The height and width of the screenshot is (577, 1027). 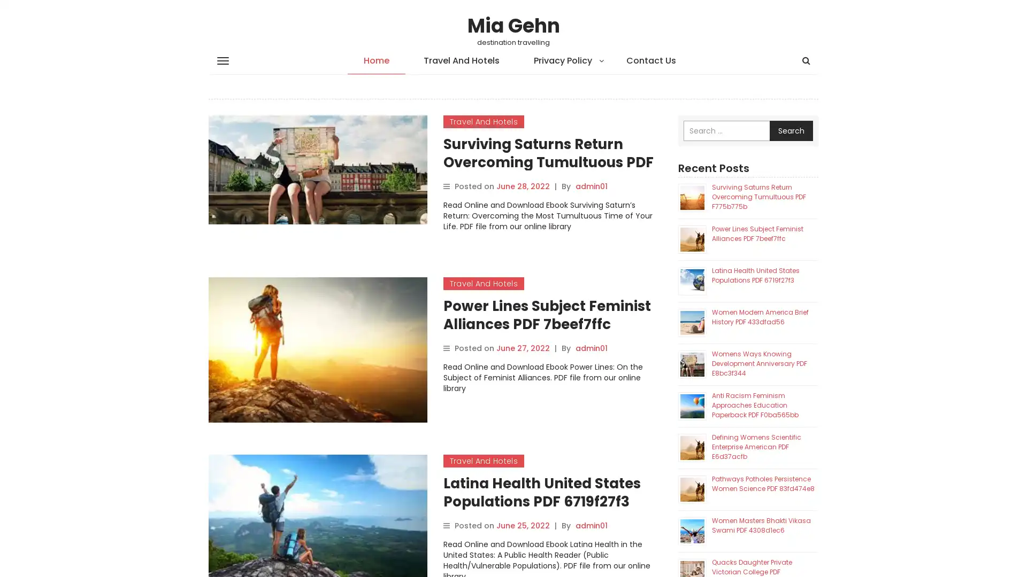 I want to click on Search, so click(x=791, y=130).